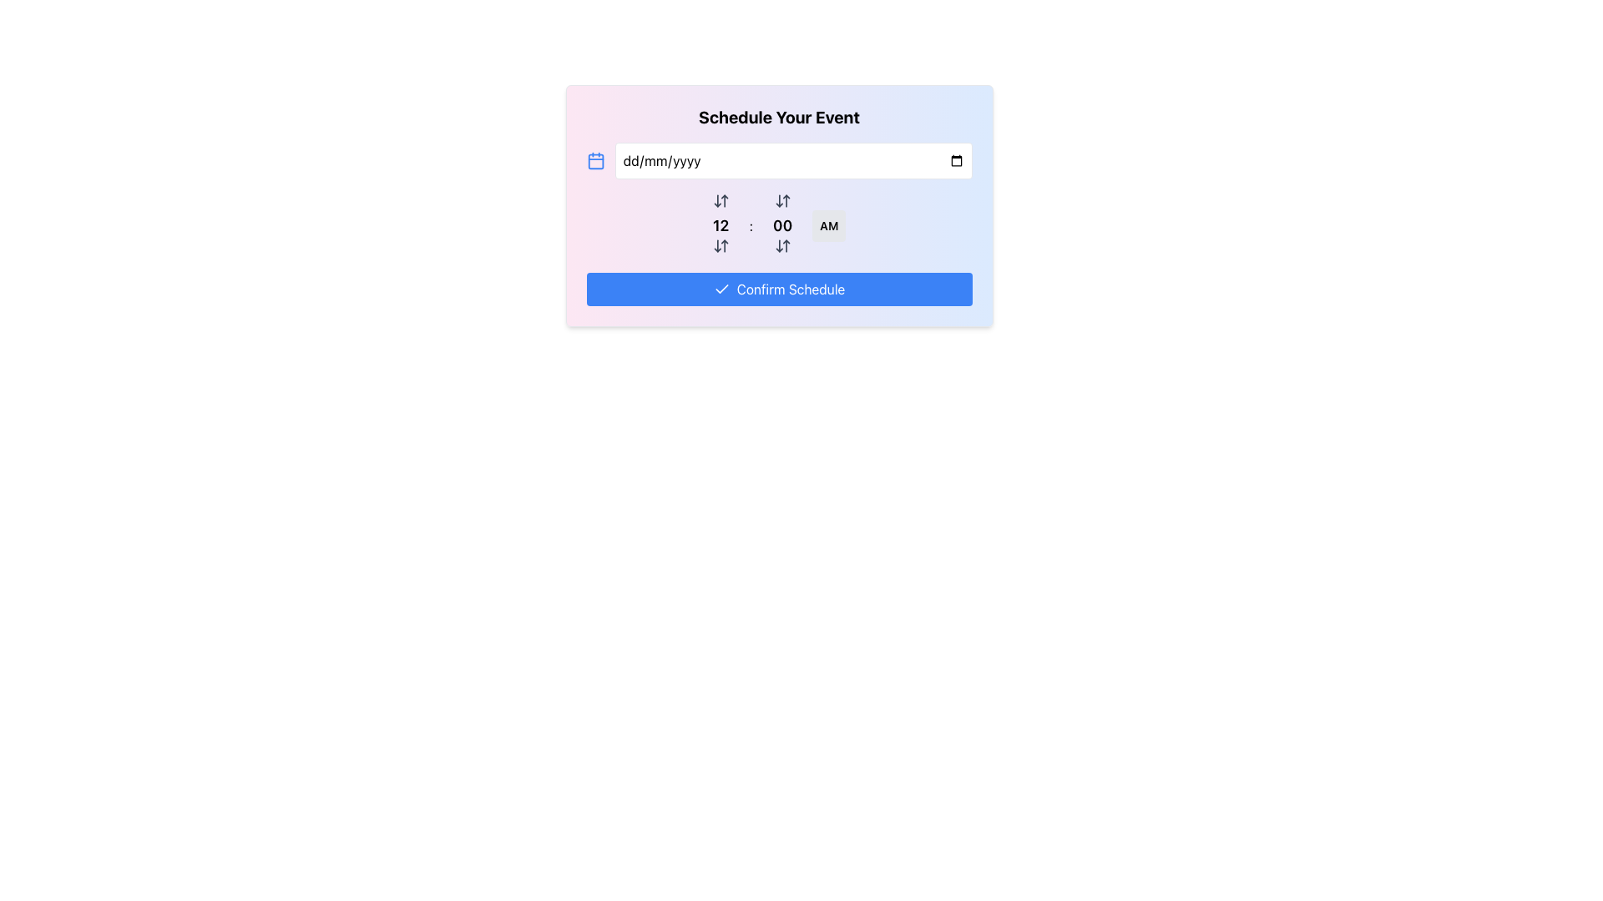 The width and height of the screenshot is (1603, 901). What do you see at coordinates (721, 225) in the screenshot?
I see `text displayed in the 'hour' input field of the time picker component, which is positioned between two arrow buttons for incrementing and decrementing the value` at bounding box center [721, 225].